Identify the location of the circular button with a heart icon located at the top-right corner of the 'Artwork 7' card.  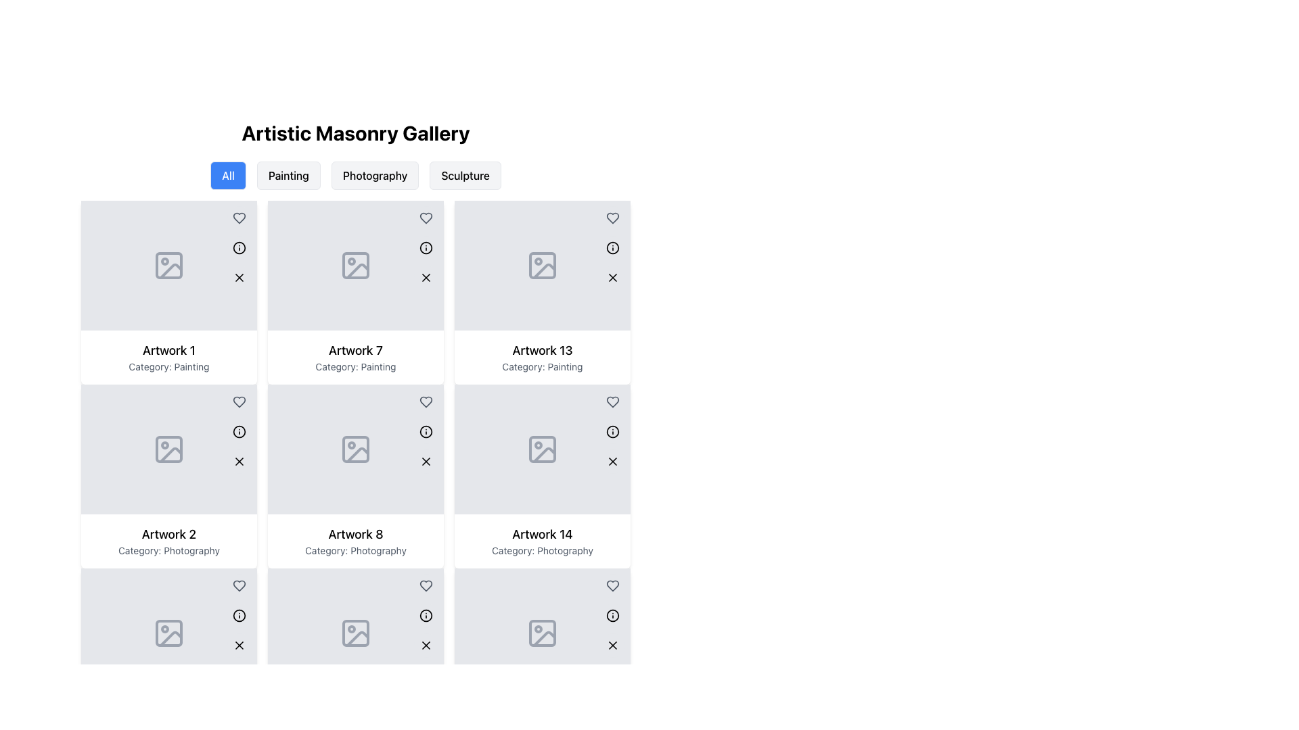
(425, 401).